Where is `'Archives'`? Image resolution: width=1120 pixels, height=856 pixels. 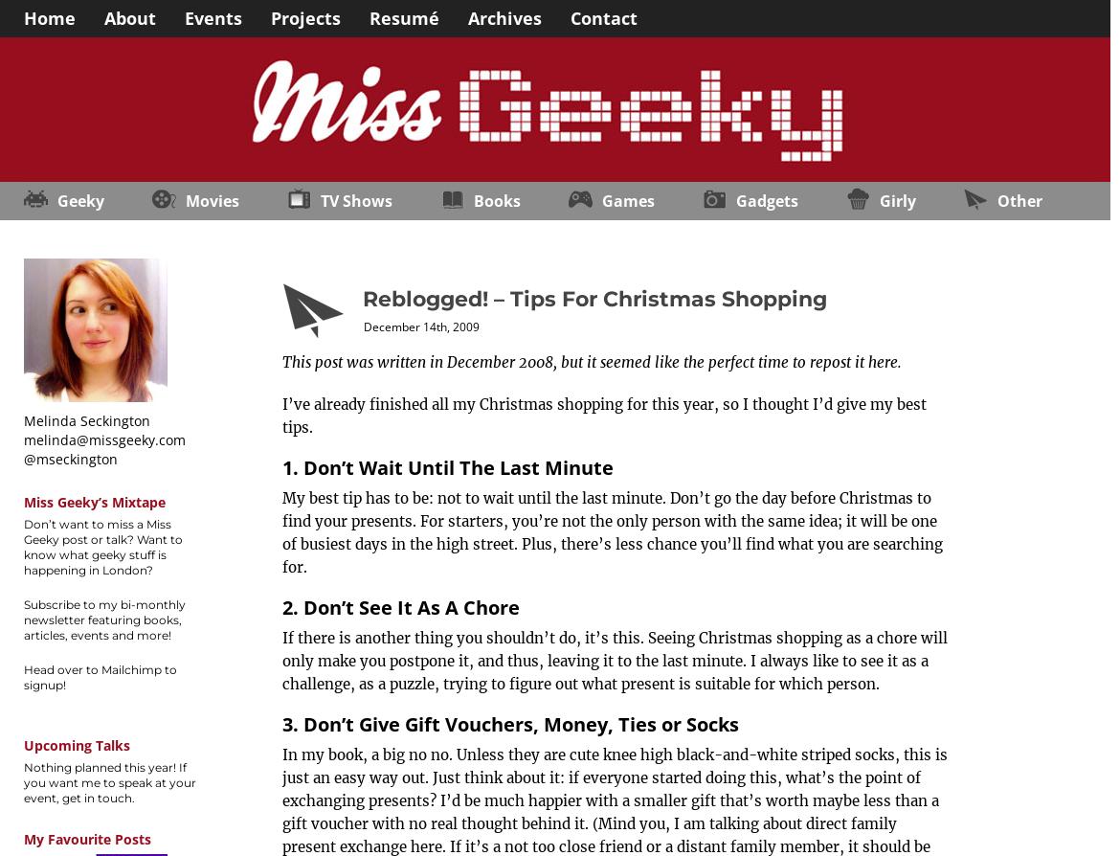 'Archives' is located at coordinates (467, 18).